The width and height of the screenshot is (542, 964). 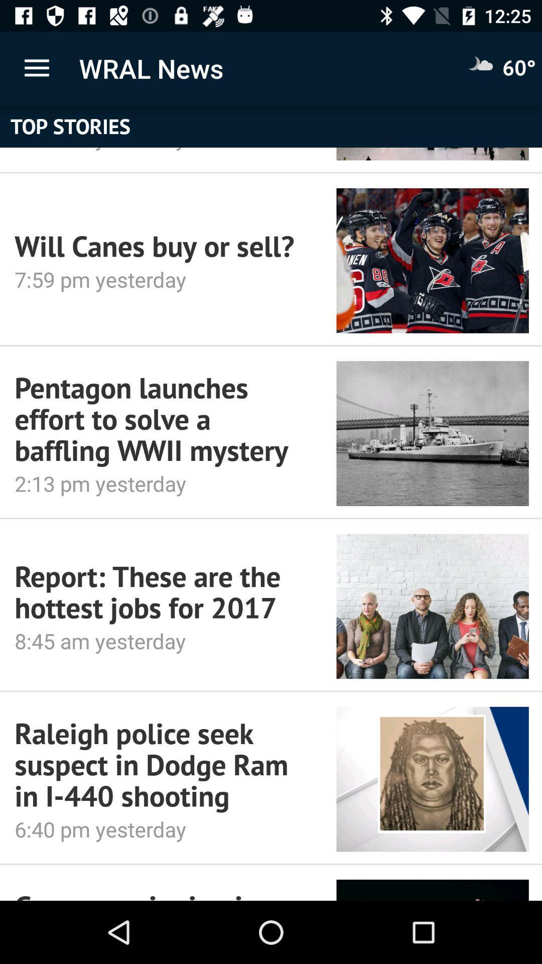 What do you see at coordinates (36, 68) in the screenshot?
I see `icon above top stories icon` at bounding box center [36, 68].